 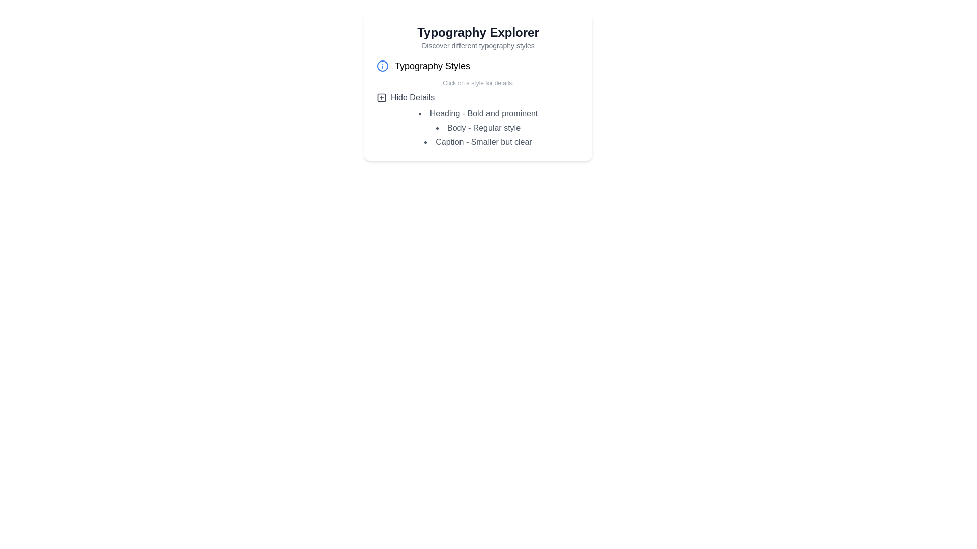 I want to click on the Text Label that indicates the focus of the section related to typography styles, located near the center-top of the UI, positioned to the right of an icon, so click(x=432, y=66).